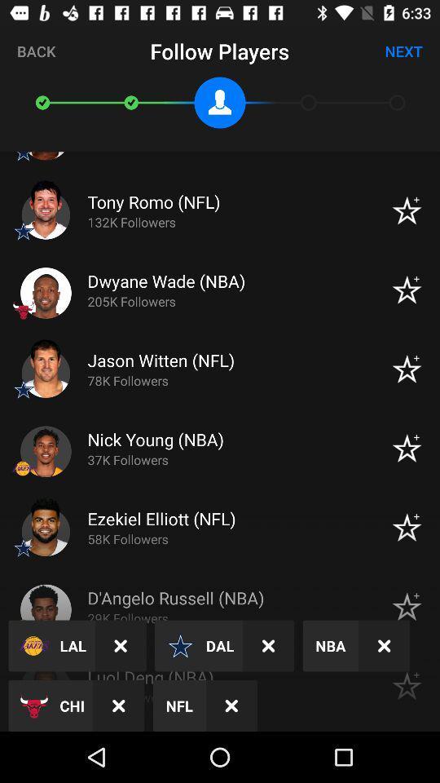  Describe the element at coordinates (268, 646) in the screenshot. I see `icon next to the dal item` at that location.